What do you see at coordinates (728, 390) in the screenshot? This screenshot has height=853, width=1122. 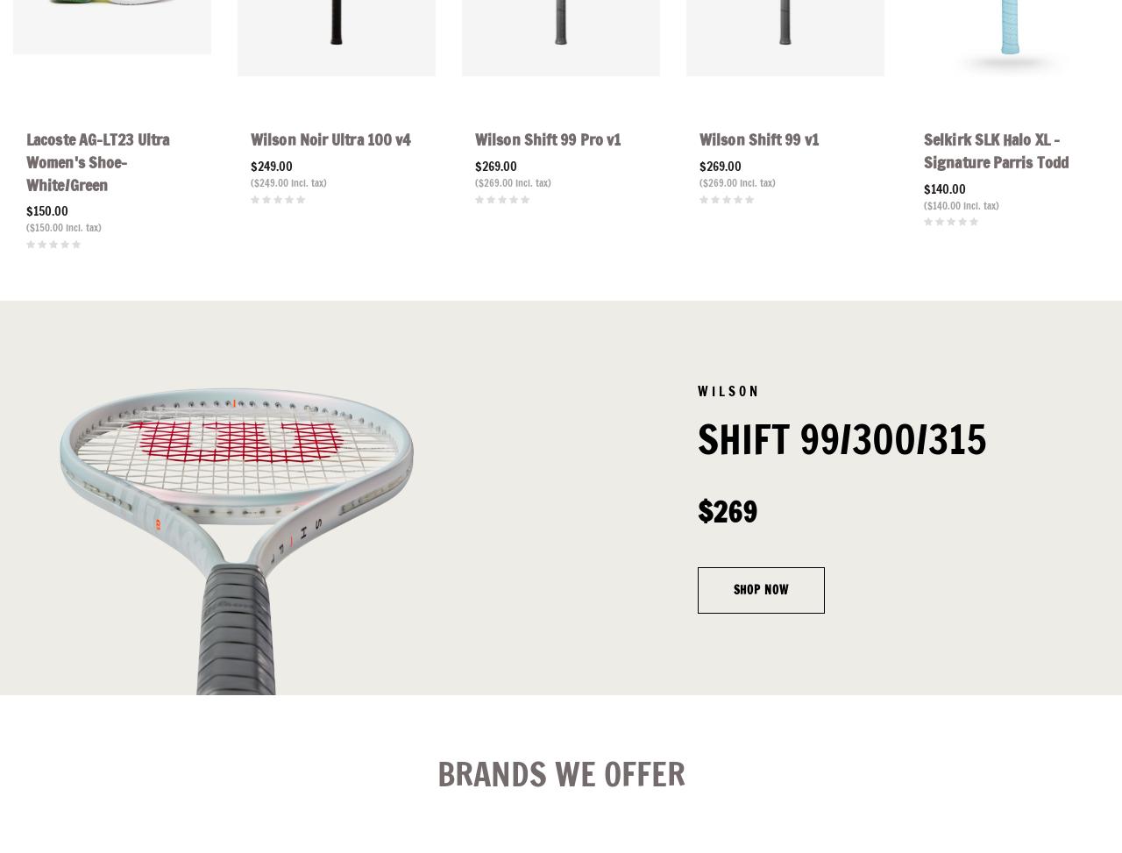 I see `'WILSON'` at bounding box center [728, 390].